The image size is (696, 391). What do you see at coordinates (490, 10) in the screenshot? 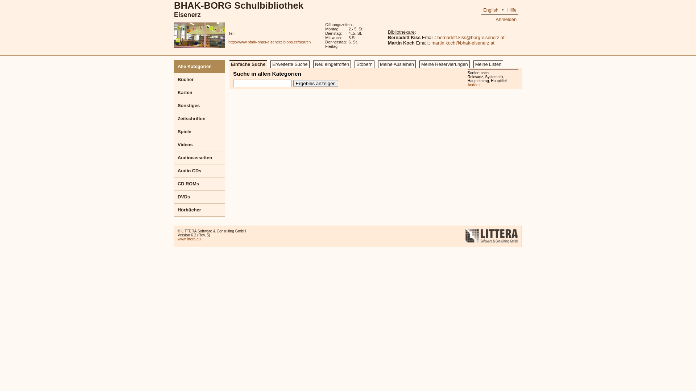
I see `'English'` at bounding box center [490, 10].